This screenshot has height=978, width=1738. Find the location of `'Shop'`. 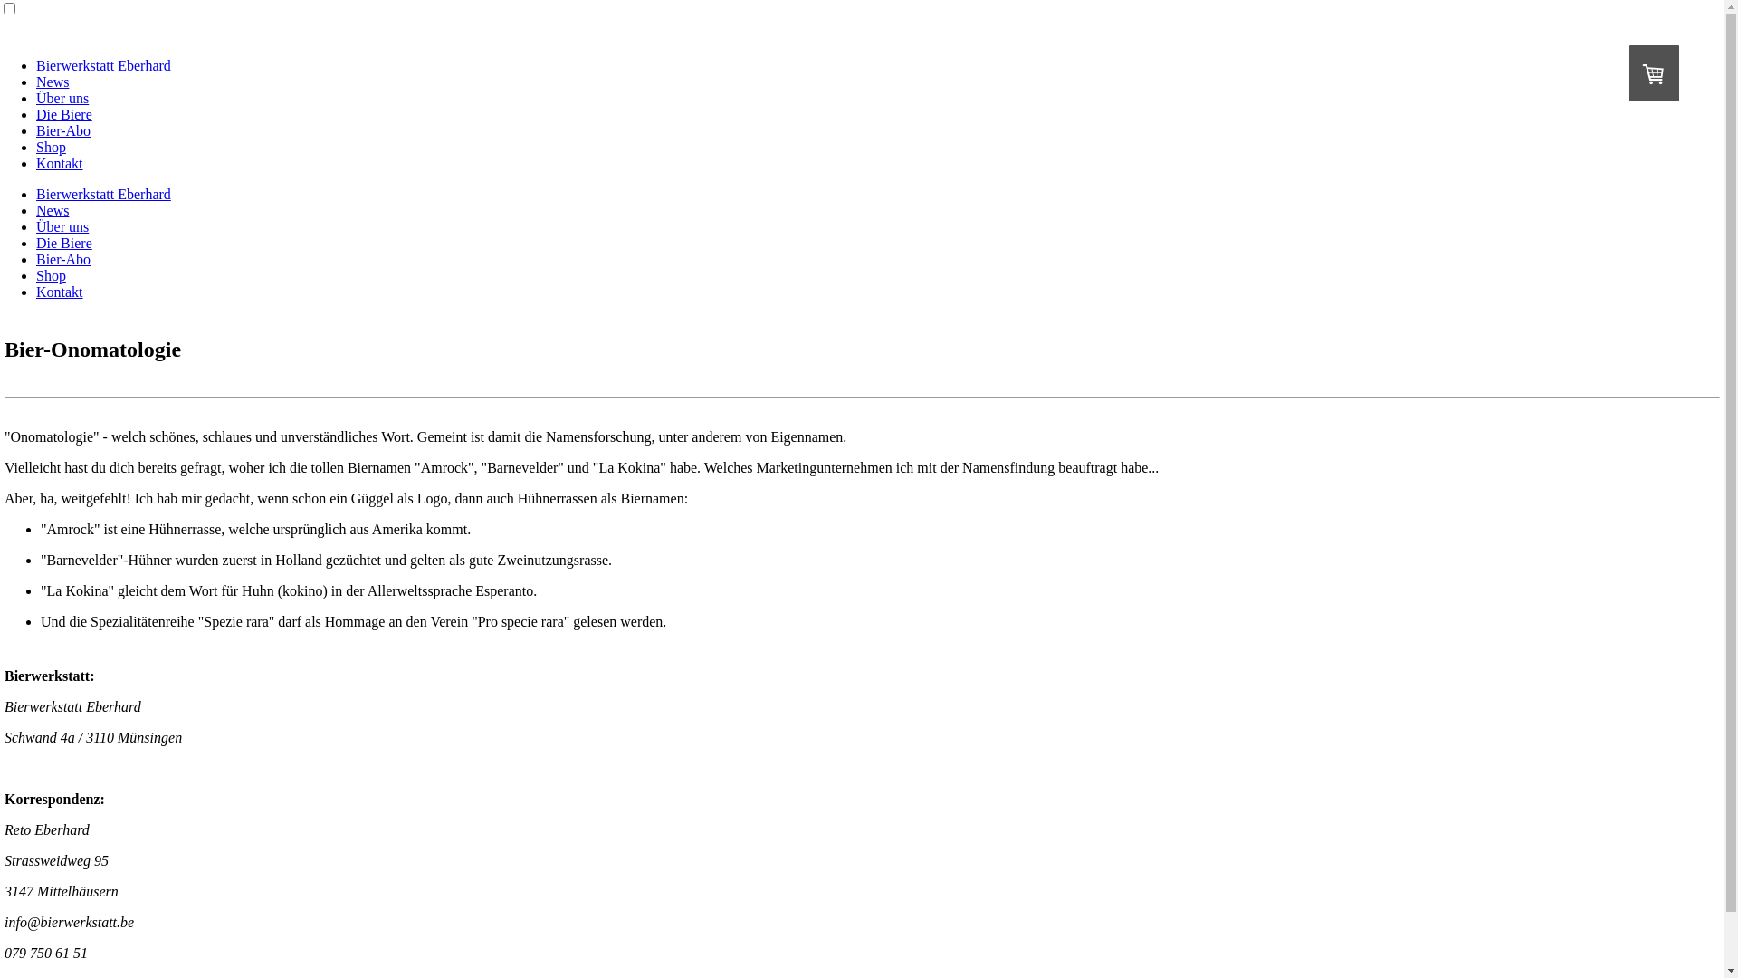

'Shop' is located at coordinates (51, 275).